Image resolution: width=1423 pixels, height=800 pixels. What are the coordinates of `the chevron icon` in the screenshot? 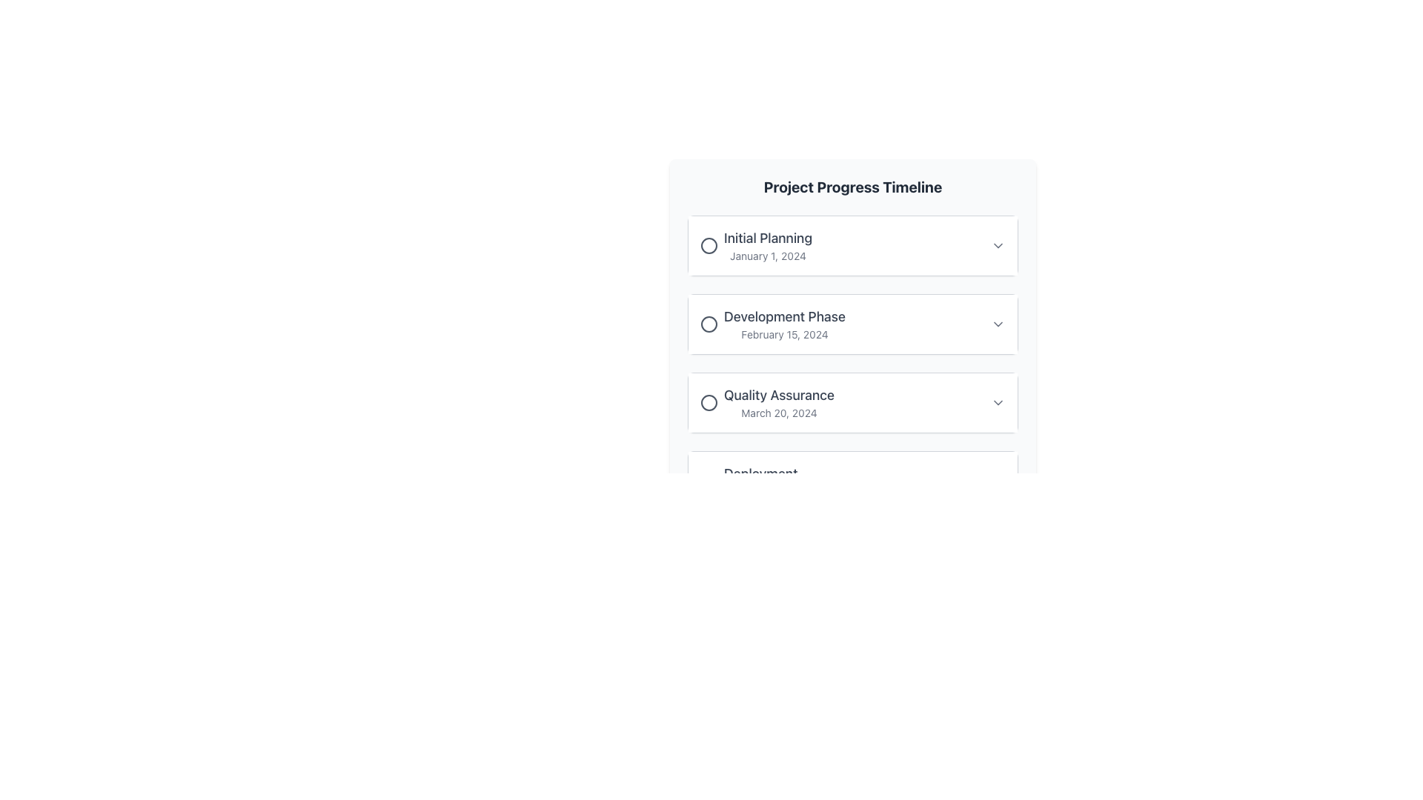 It's located at (998, 244).